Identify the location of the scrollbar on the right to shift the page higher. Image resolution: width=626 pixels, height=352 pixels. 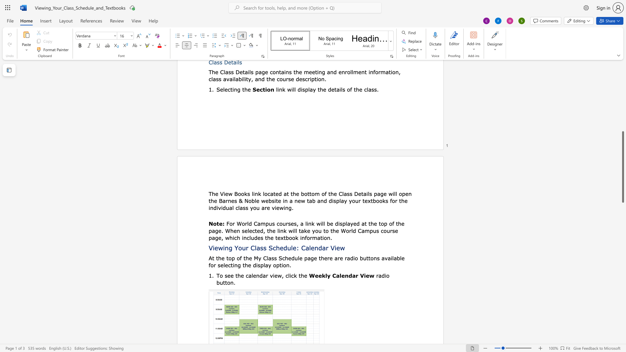
(622, 104).